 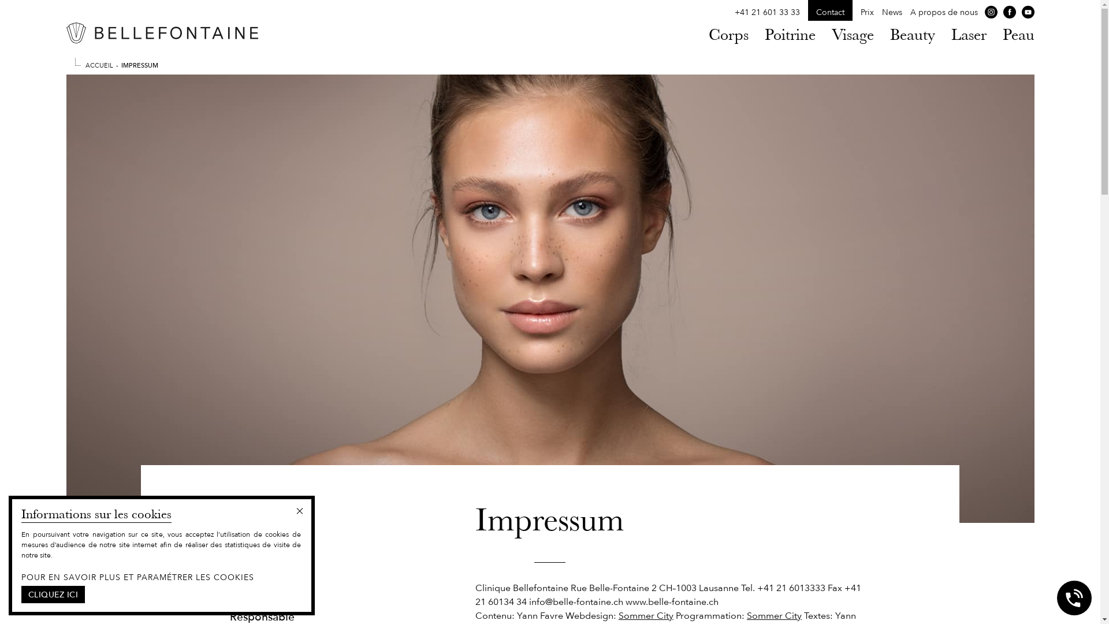 What do you see at coordinates (21, 595) in the screenshot?
I see `'CLIQUEZ ICI'` at bounding box center [21, 595].